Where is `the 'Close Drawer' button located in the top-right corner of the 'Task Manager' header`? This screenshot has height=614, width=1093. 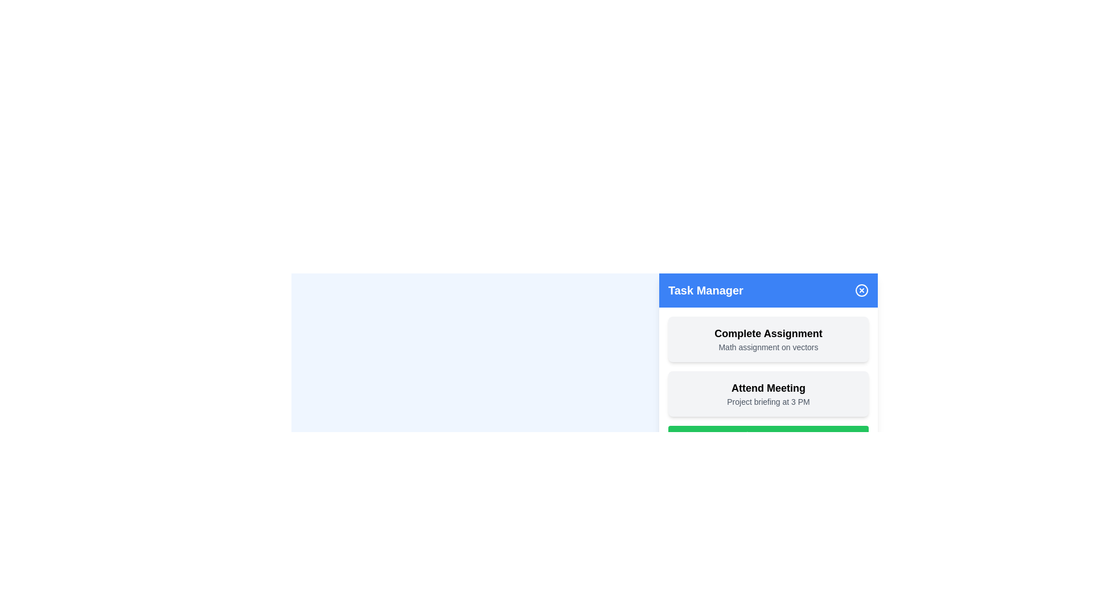 the 'Close Drawer' button located in the top-right corner of the 'Task Manager' header is located at coordinates (861, 289).